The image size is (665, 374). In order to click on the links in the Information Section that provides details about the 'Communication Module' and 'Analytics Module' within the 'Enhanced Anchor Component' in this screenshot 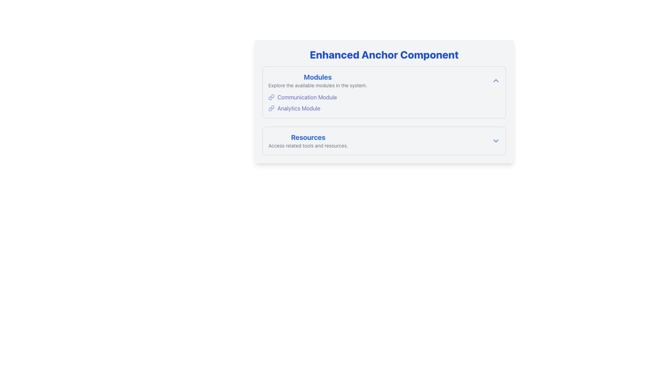, I will do `click(384, 92)`.